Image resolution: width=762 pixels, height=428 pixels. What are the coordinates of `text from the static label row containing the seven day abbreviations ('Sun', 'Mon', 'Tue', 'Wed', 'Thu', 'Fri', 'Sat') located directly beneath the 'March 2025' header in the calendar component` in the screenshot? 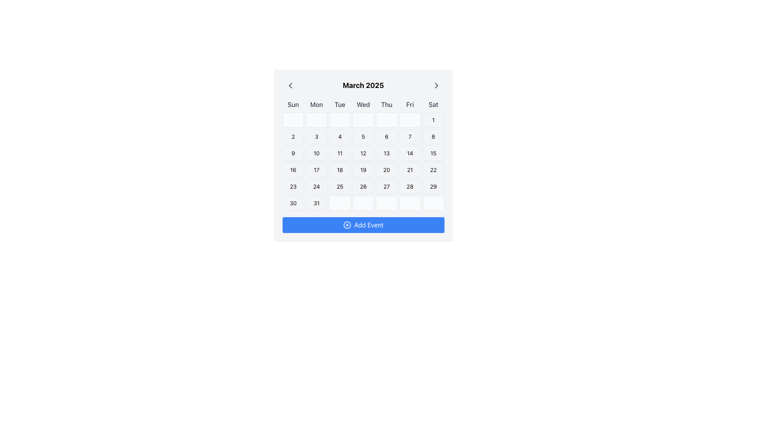 It's located at (363, 104).